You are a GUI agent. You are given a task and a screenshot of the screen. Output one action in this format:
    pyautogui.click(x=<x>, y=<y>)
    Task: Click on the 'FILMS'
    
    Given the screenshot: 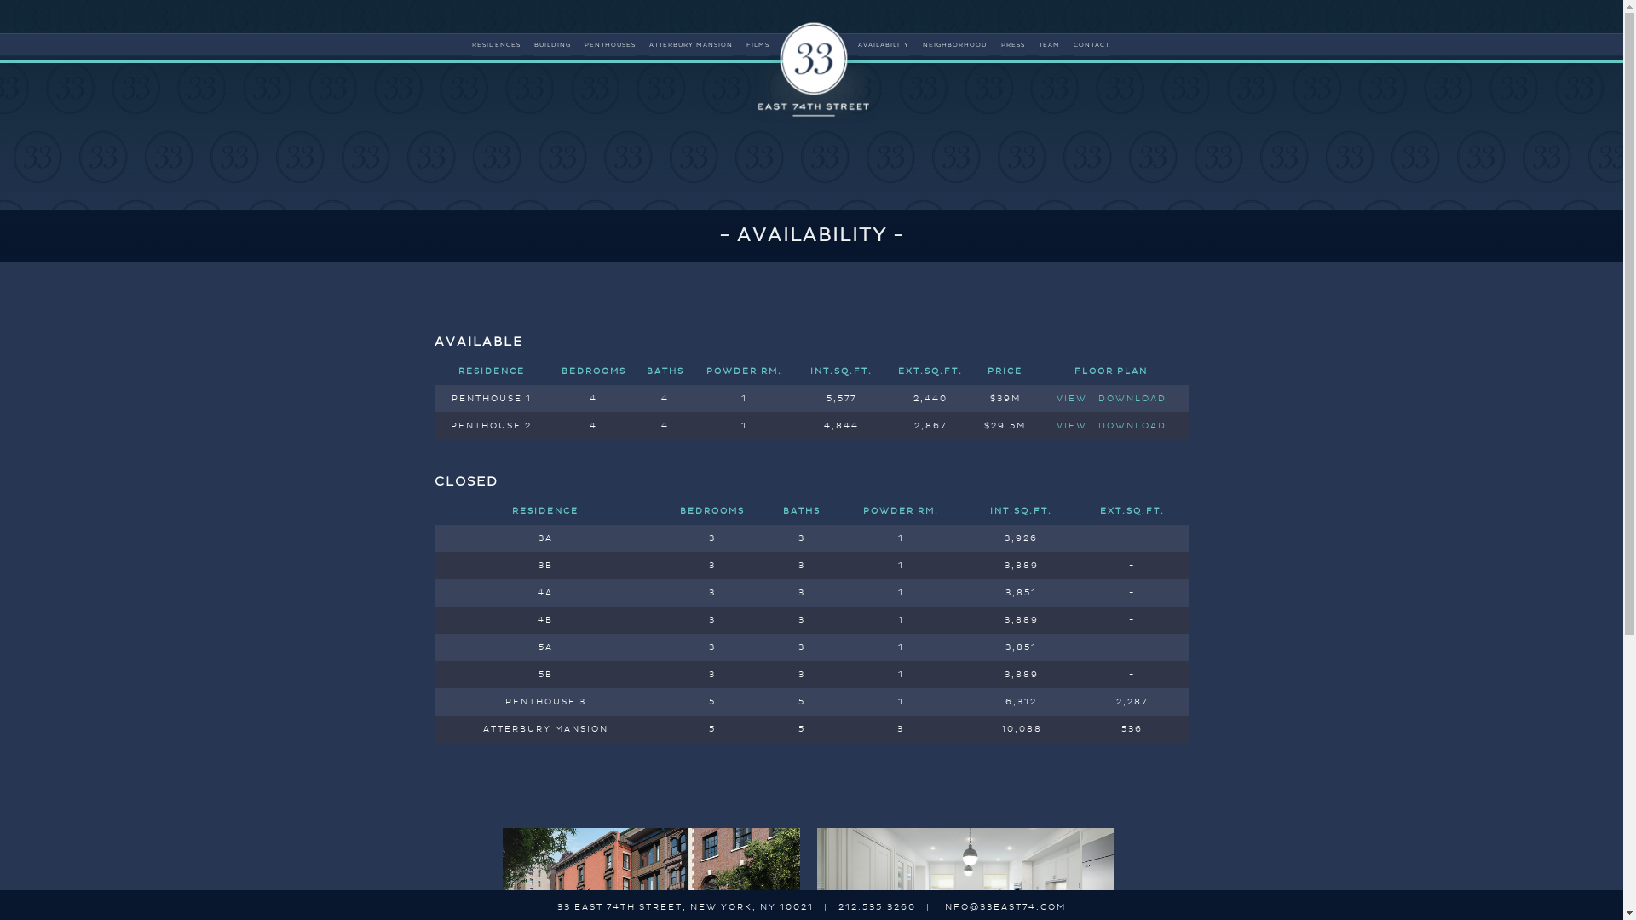 What is the action you would take?
    pyautogui.click(x=746, y=44)
    